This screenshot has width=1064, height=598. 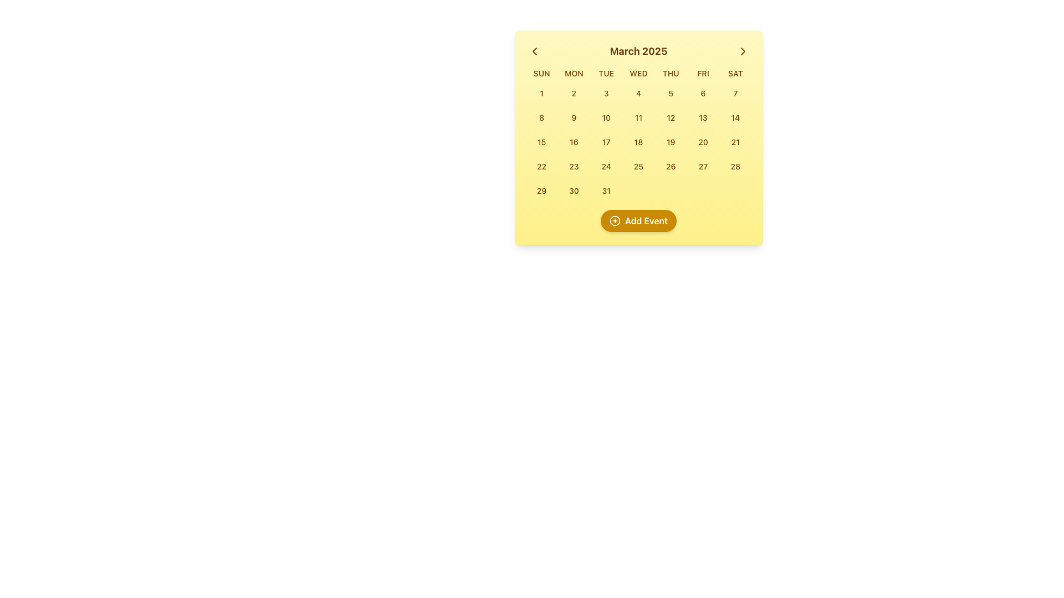 I want to click on the right-pointing chevron icon located near the top-right corner of the calendar interface, so click(x=743, y=51).